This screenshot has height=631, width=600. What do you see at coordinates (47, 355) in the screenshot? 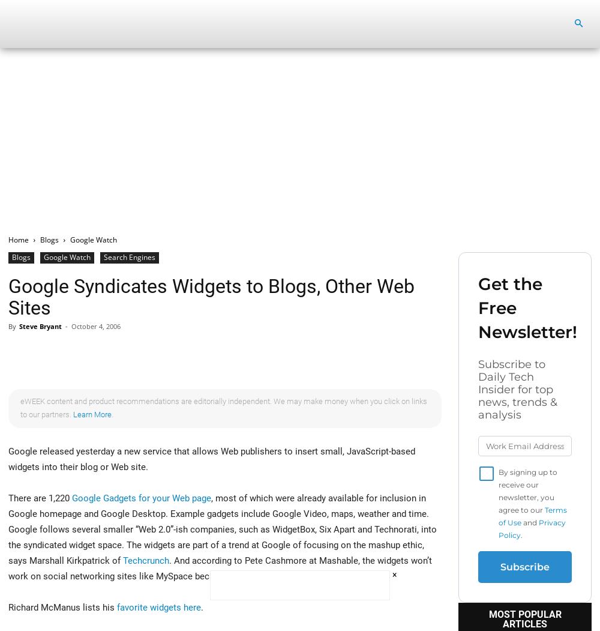
I see `'Share'` at bounding box center [47, 355].